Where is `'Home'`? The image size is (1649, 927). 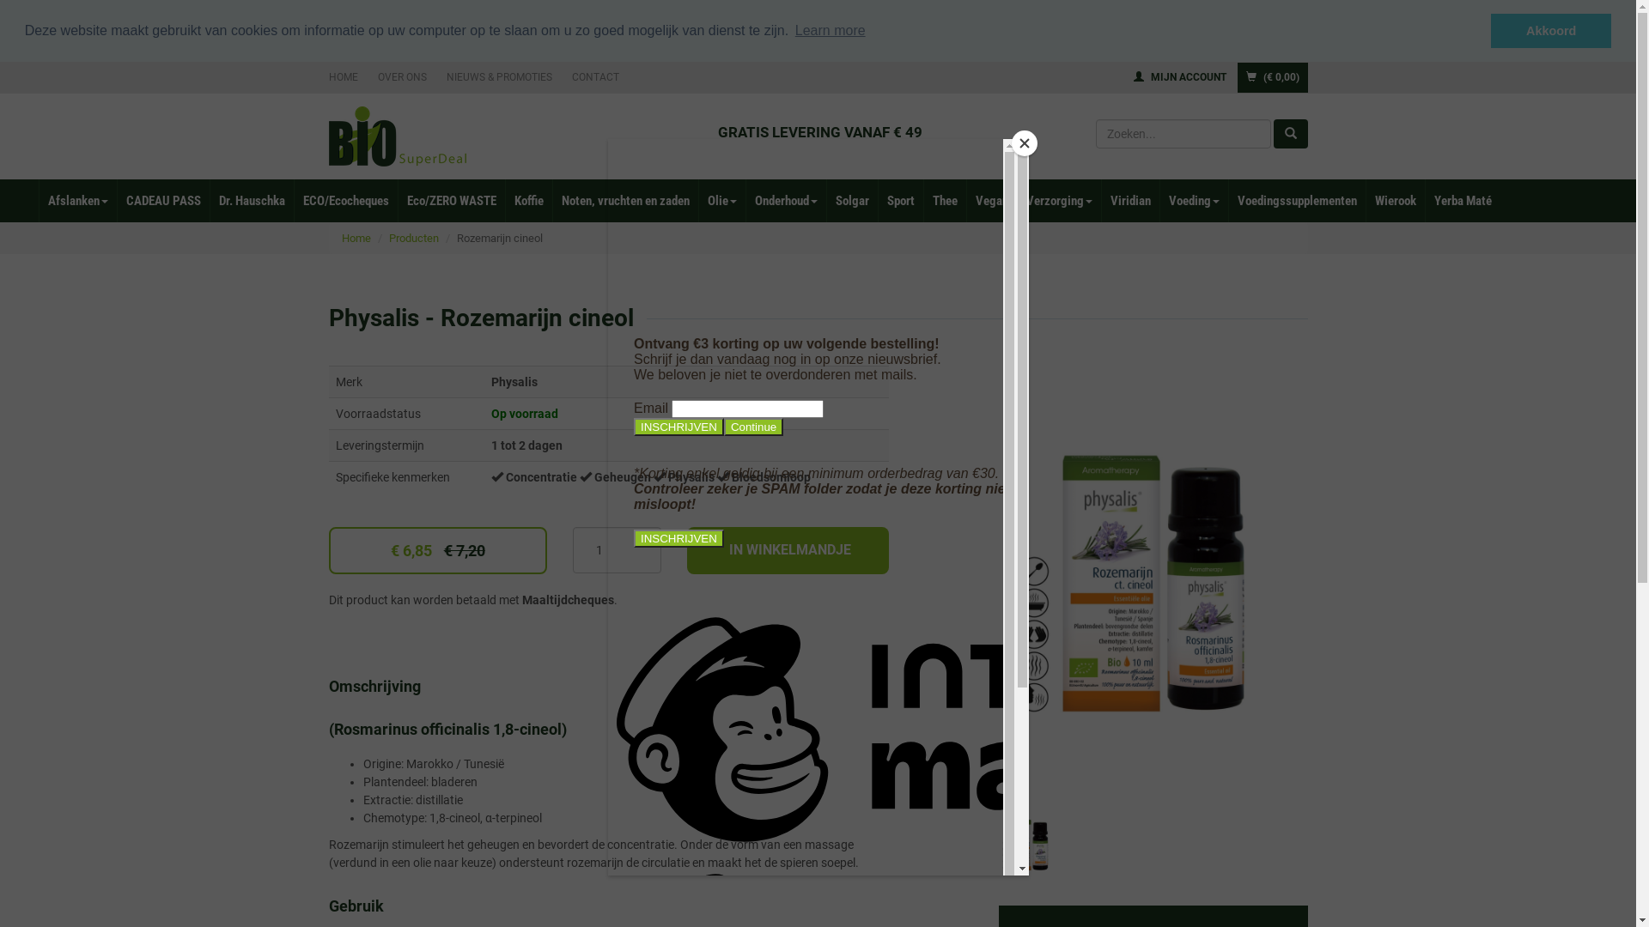 'Home' is located at coordinates (355, 238).